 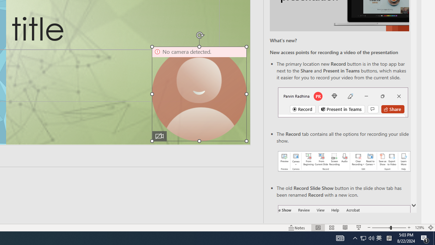 I want to click on 'Zoom In', so click(x=409, y=228).